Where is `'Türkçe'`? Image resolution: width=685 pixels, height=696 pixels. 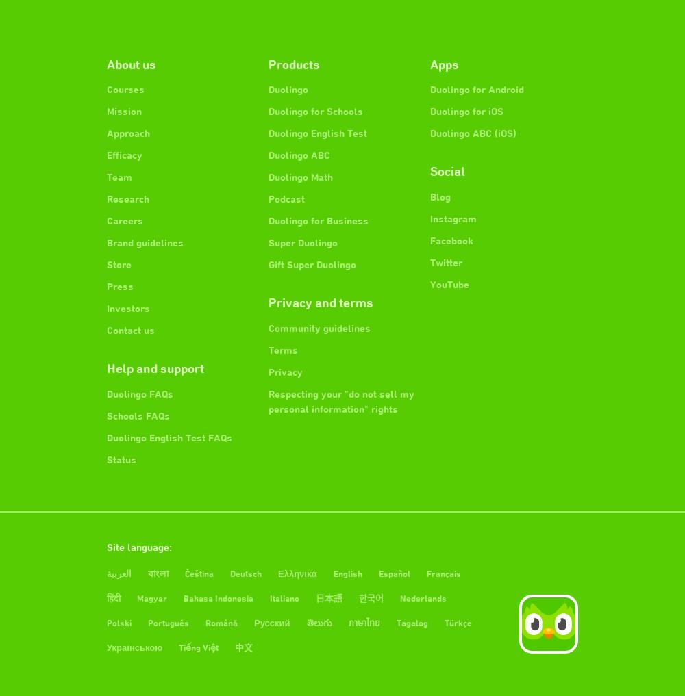 'Türkçe' is located at coordinates (458, 622).